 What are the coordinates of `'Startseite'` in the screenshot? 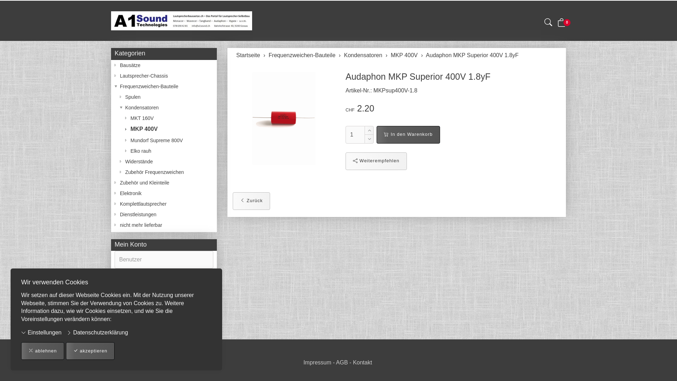 It's located at (236, 55).